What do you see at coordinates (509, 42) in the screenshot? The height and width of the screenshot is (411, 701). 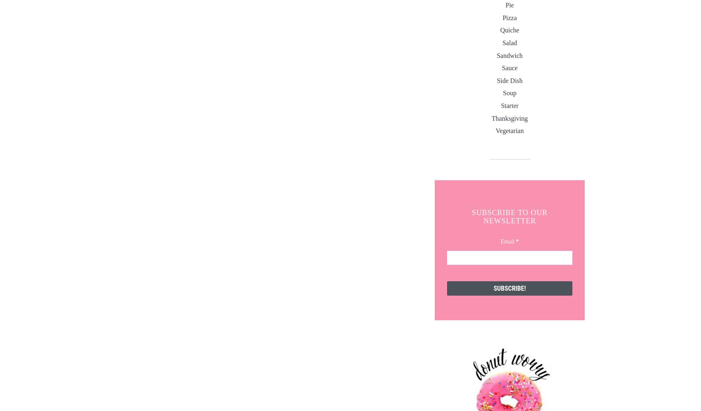 I see `'salad'` at bounding box center [509, 42].